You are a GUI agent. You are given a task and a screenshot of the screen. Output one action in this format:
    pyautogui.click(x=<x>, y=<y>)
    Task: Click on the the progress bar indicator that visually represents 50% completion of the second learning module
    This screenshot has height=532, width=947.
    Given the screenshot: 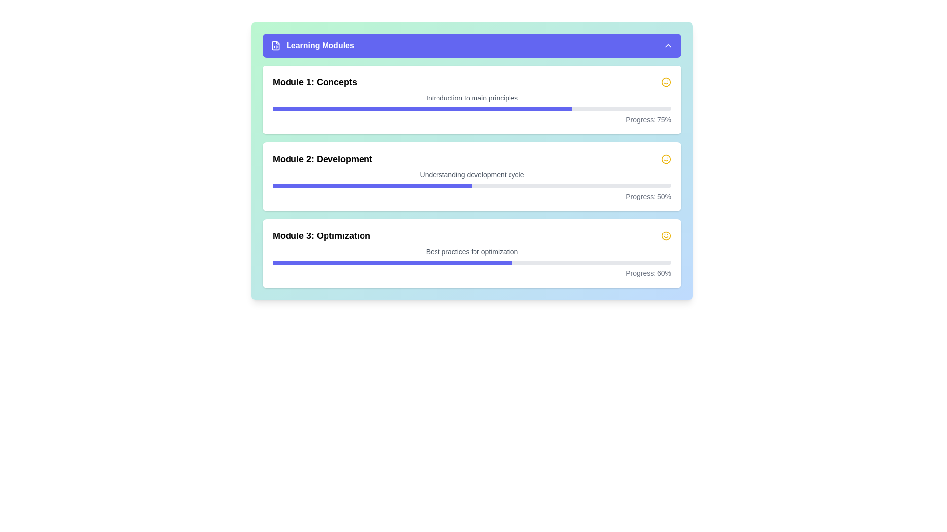 What is the action you would take?
    pyautogui.click(x=371, y=186)
    